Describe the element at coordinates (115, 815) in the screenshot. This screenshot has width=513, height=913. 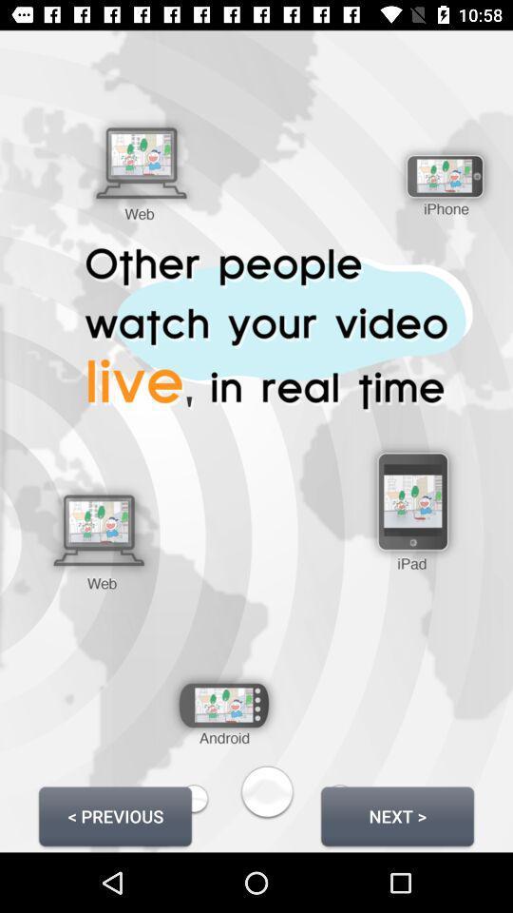
I see `item next to the next > icon` at that location.